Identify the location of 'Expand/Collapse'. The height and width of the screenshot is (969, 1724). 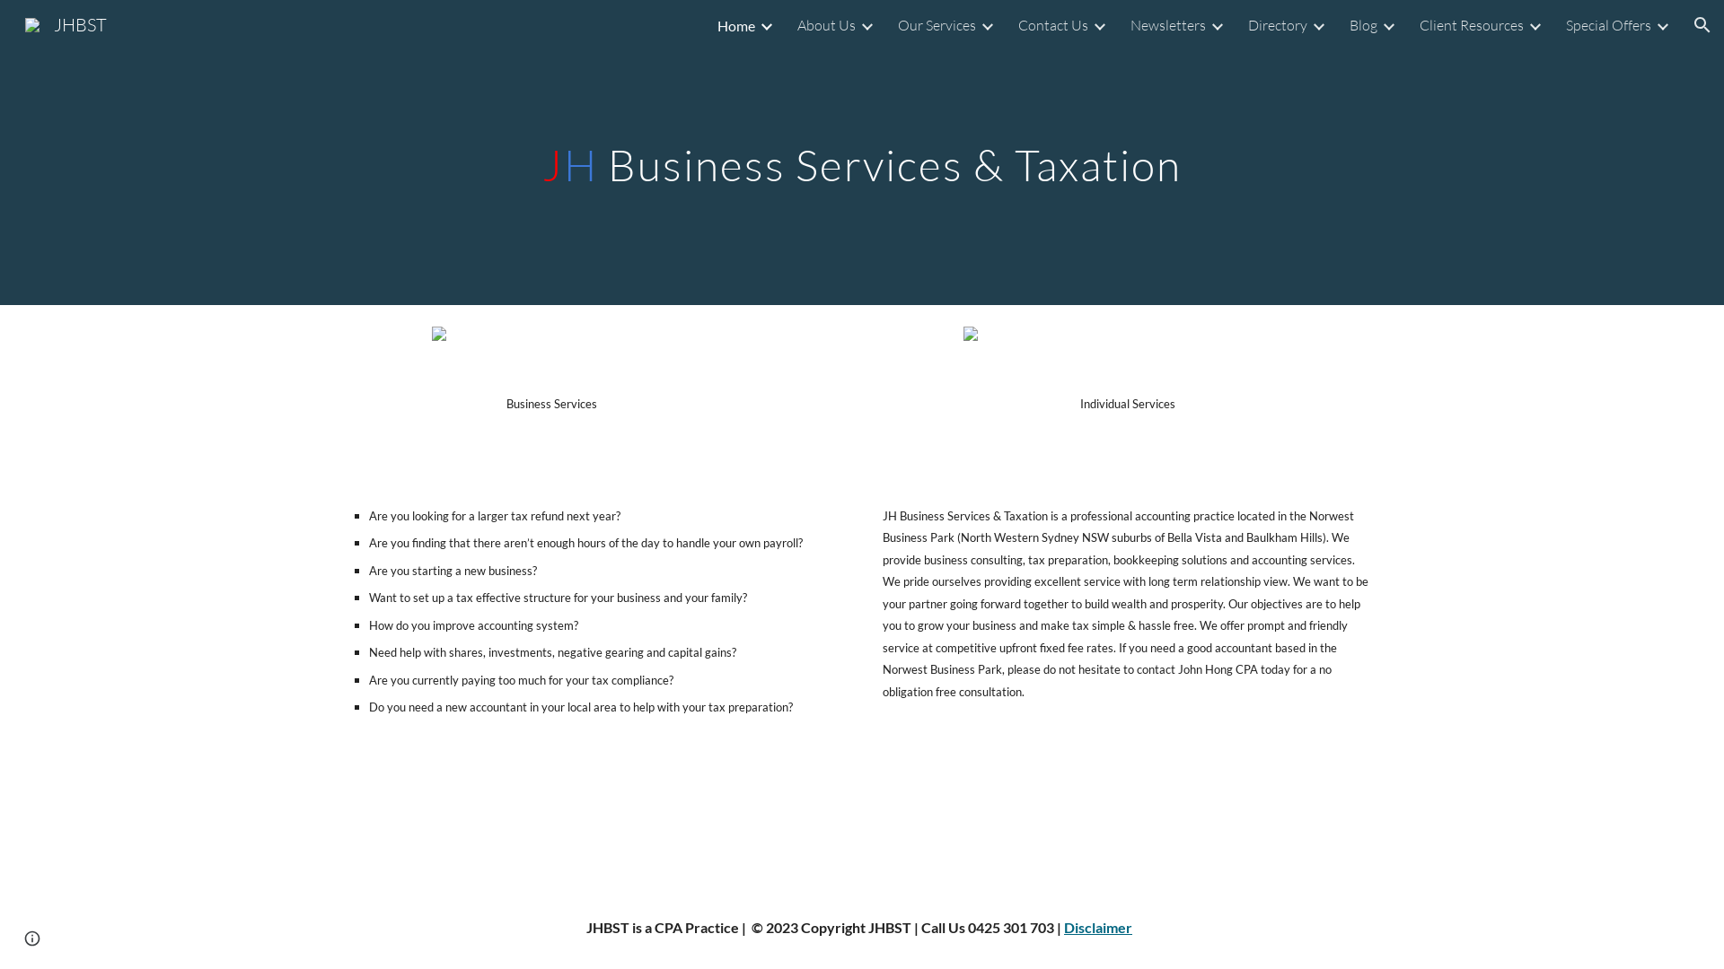
(1533, 24).